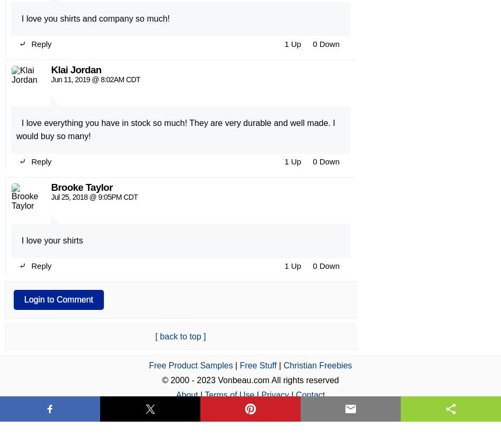  I want to click on 'Terms of Use', so click(229, 131).